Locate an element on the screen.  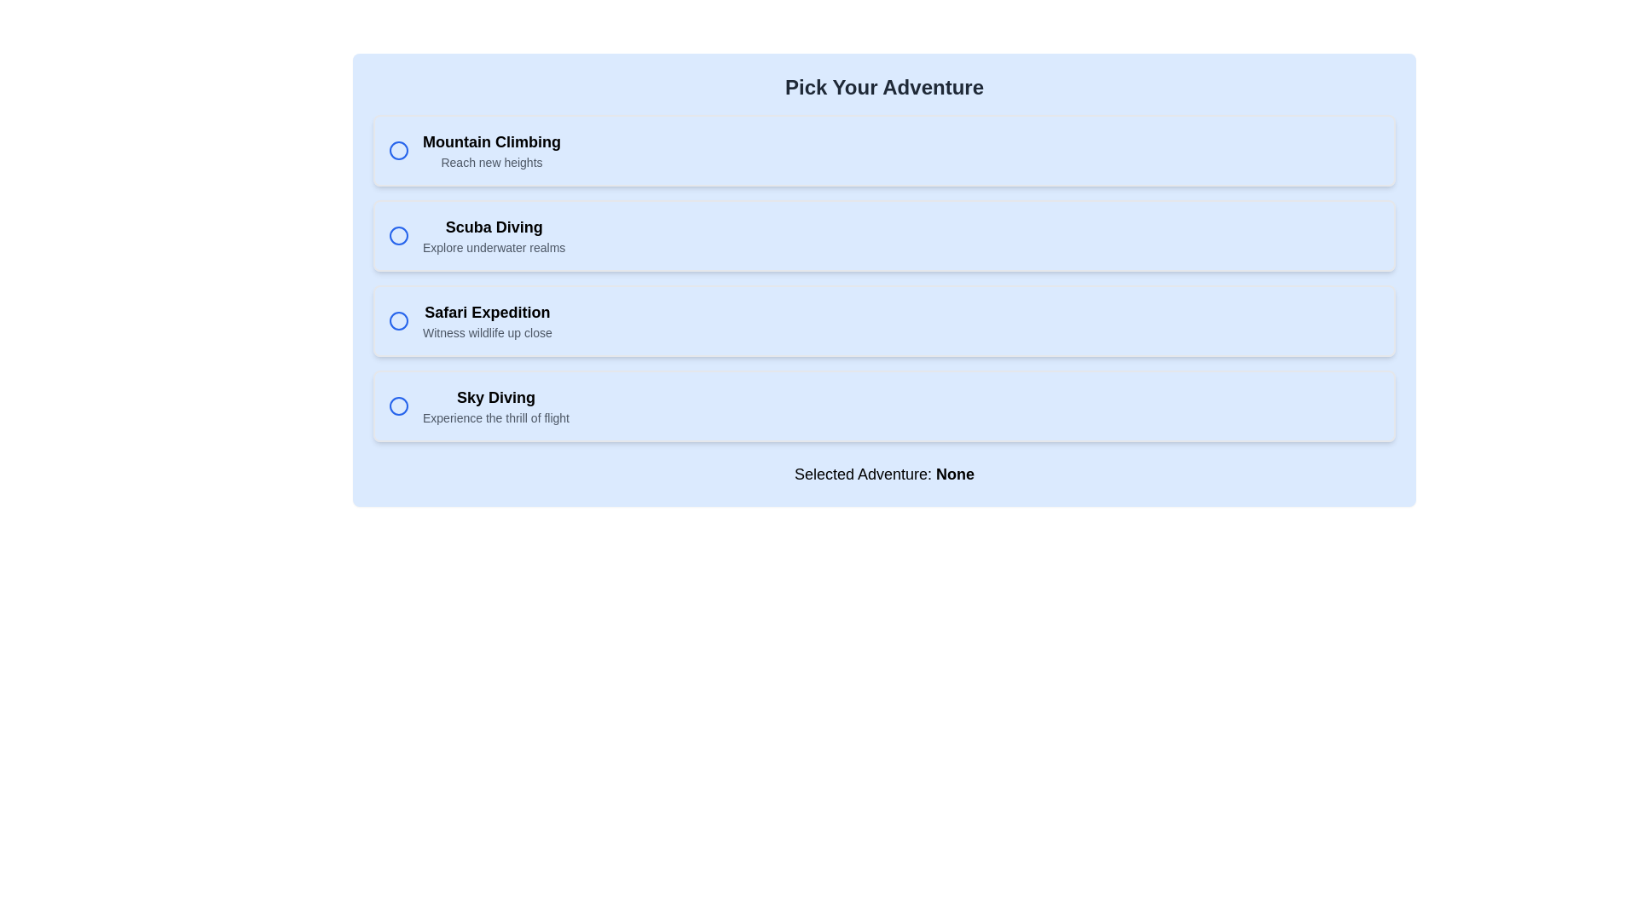
descriptive information provided by the 'Sky Diving' text label located under the 'Pick Your Adventure' section, immediately below the 'Sky Diving' heading is located at coordinates (495, 417).